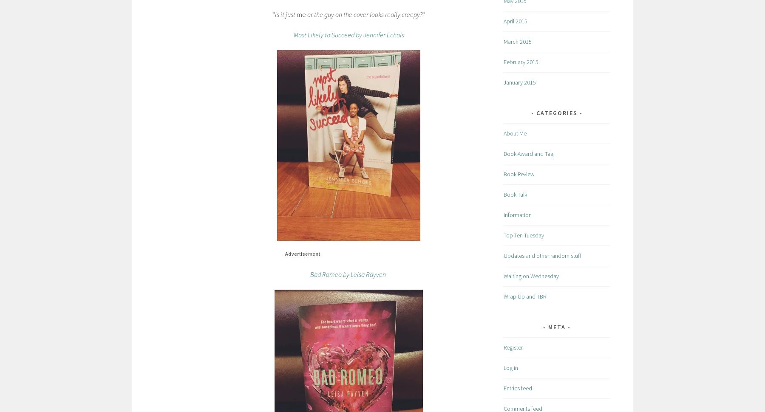  What do you see at coordinates (284, 14) in the screenshot?
I see `'*Is it just'` at bounding box center [284, 14].